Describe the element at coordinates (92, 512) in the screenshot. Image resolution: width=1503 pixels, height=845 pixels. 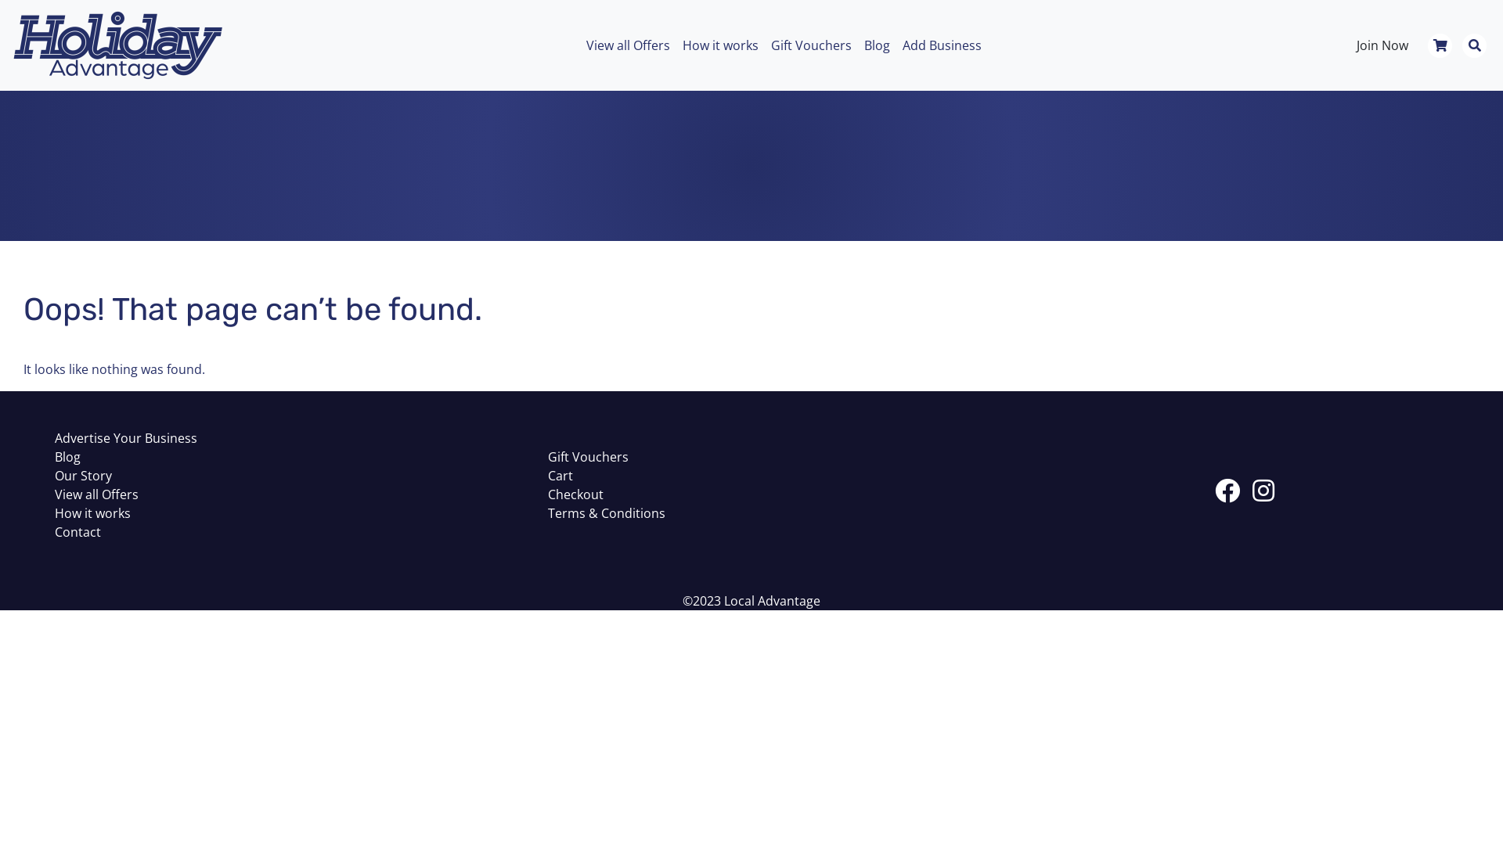
I see `'How it works'` at that location.